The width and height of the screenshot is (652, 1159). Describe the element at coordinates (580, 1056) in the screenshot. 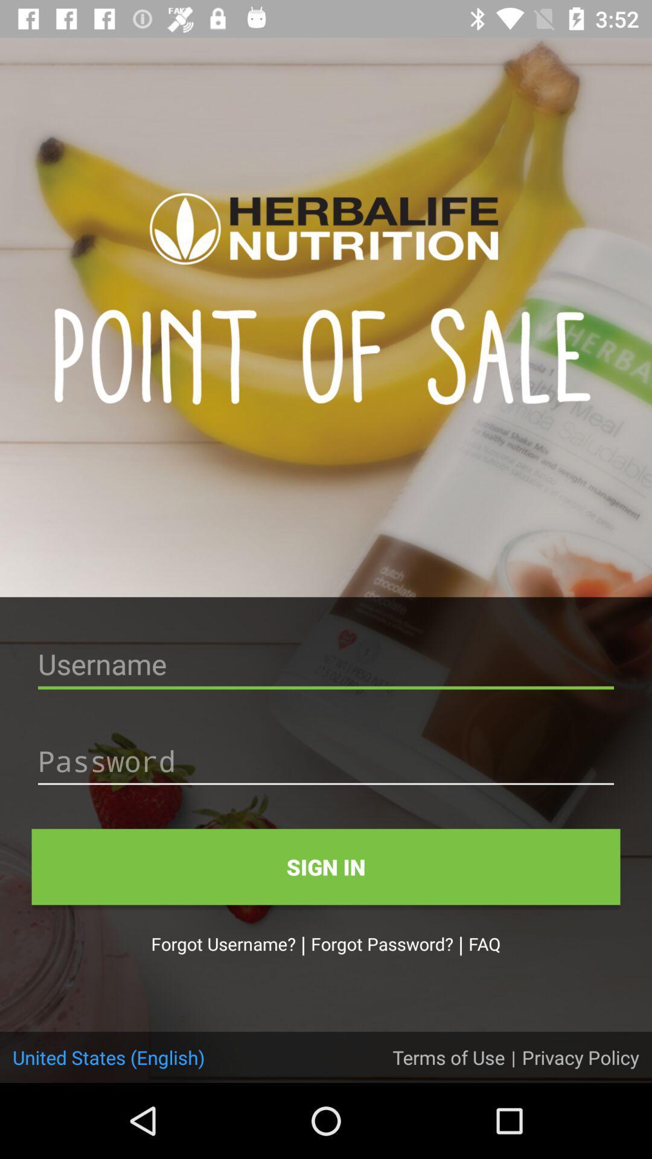

I see `the privacy policy` at that location.